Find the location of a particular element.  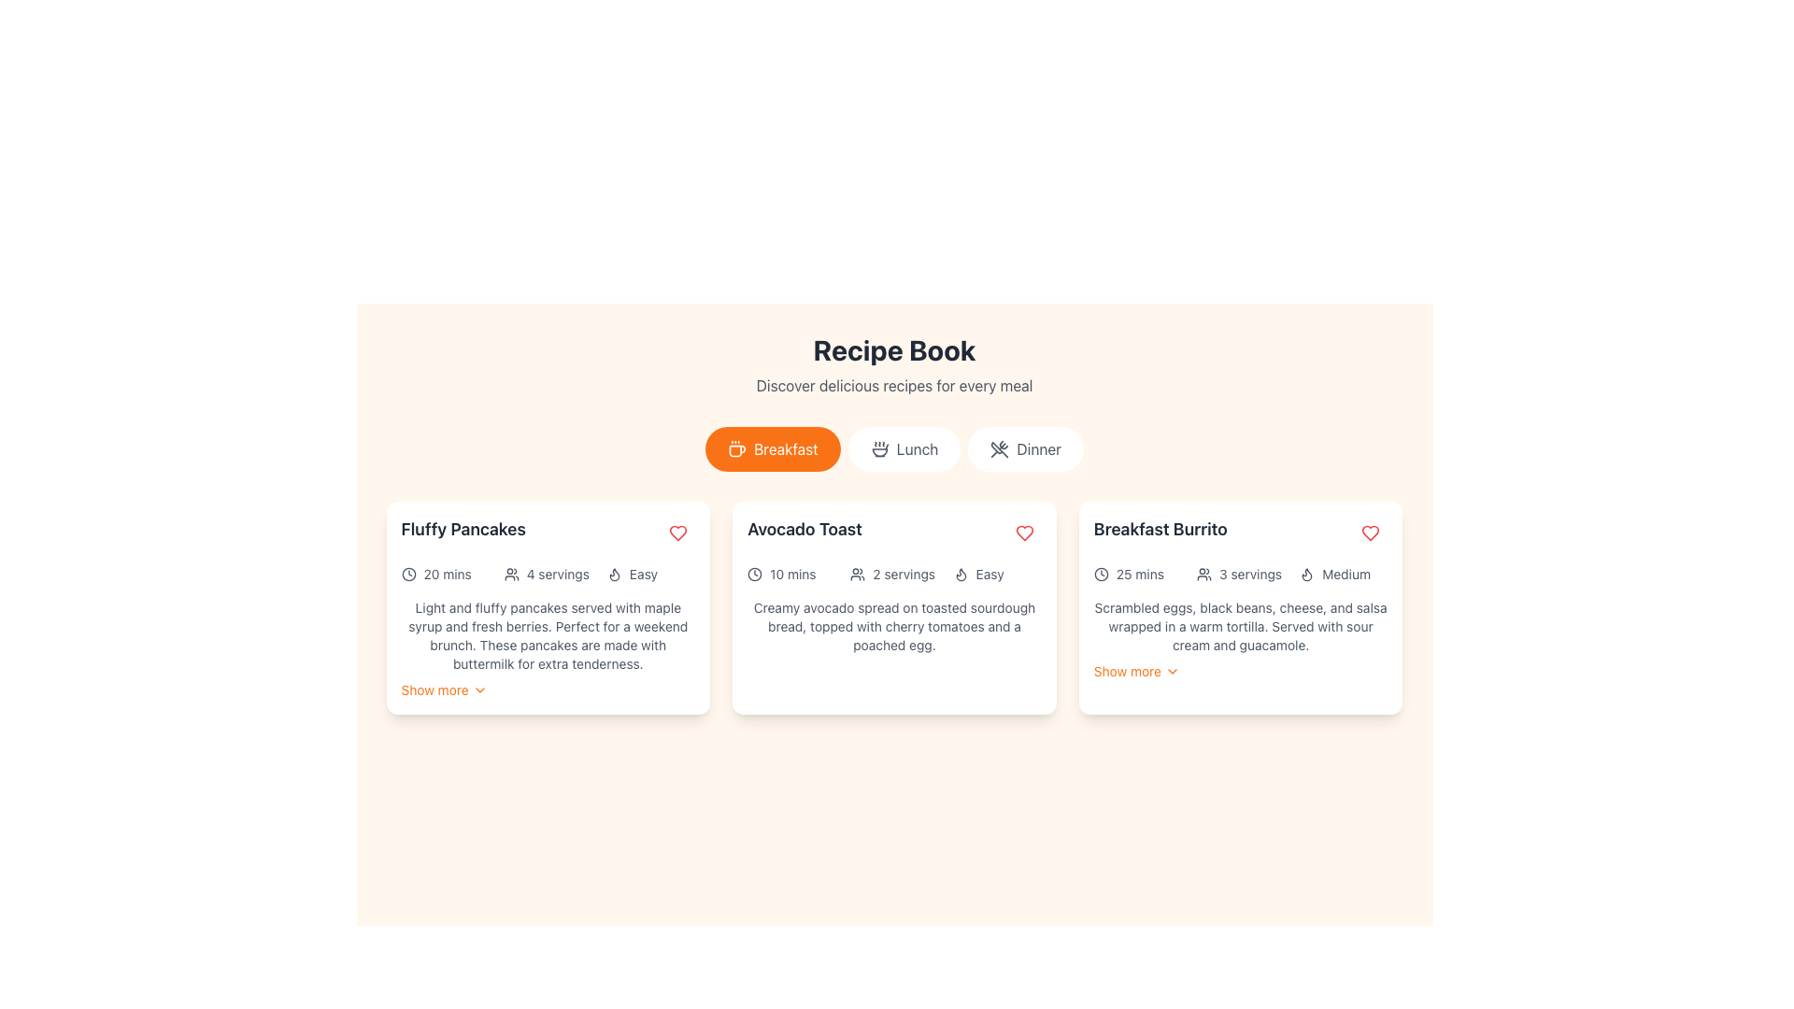

the Header with subtitle that introduces the recipe book section, located near the top of the page, centered horizontally, just above the category buttons is located at coordinates (893, 364).